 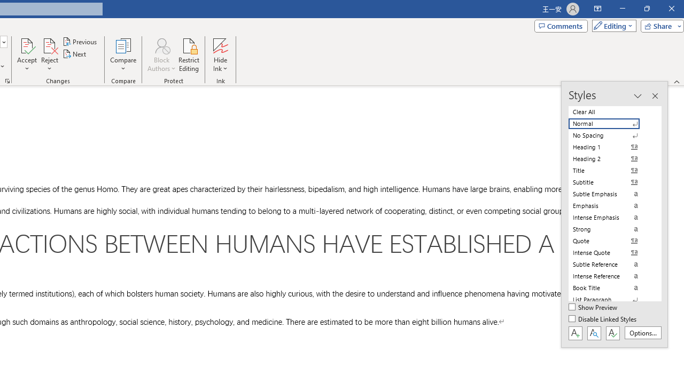 I want to click on 'Clear All', so click(x=610, y=111).